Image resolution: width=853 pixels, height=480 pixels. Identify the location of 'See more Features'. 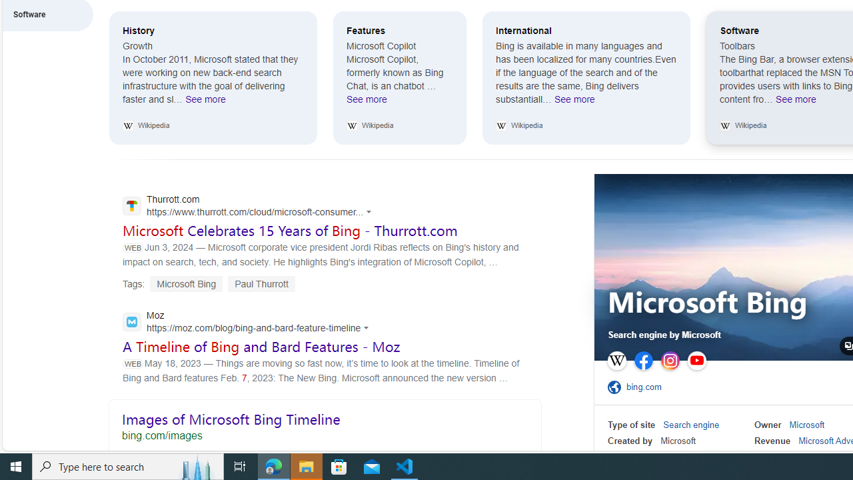
(367, 102).